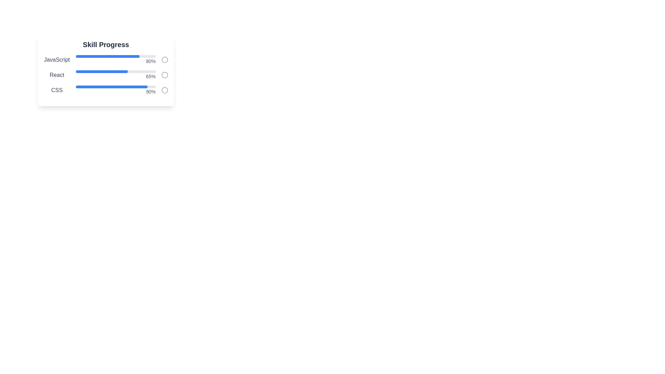 The image size is (665, 374). Describe the element at coordinates (116, 90) in the screenshot. I see `the Progress Bar representing 90% progress for the skill 'CSS' to read its value` at that location.